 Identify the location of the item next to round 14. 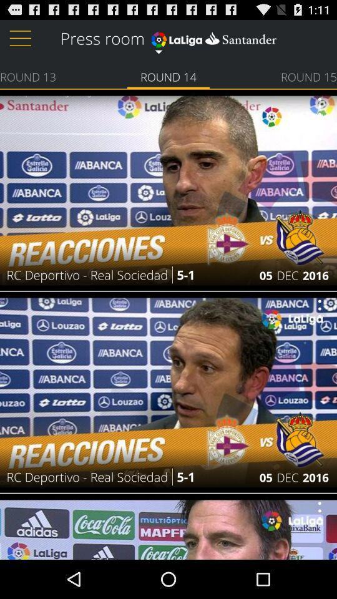
(308, 75).